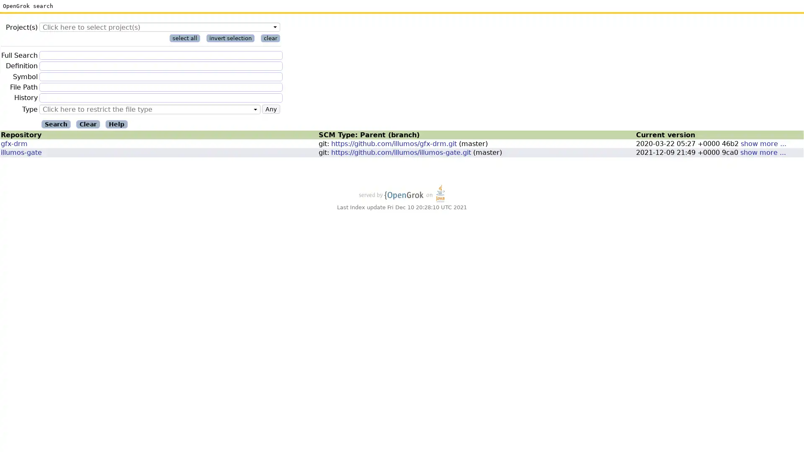 The height and width of the screenshot is (452, 804). Describe the element at coordinates (56, 124) in the screenshot. I see `Search` at that location.